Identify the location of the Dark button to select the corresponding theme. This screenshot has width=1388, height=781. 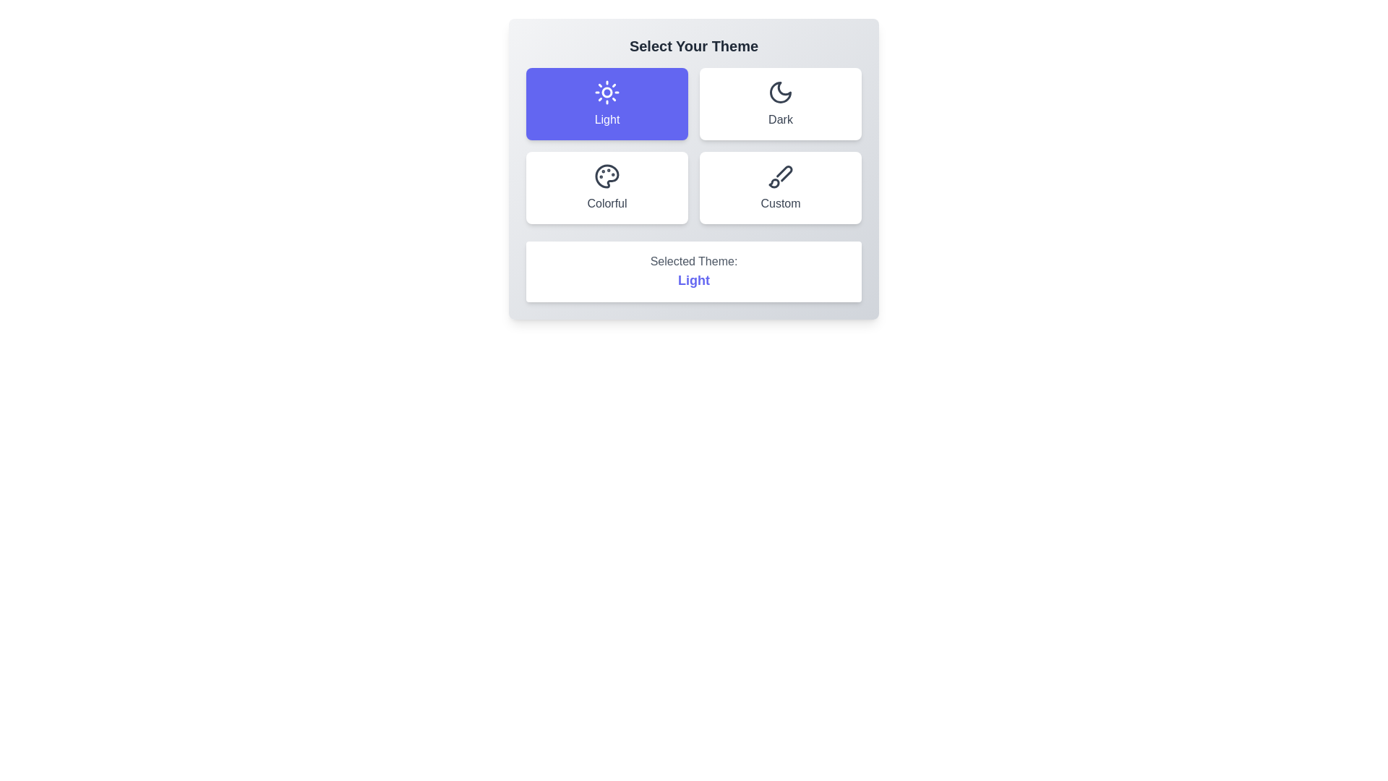
(780, 103).